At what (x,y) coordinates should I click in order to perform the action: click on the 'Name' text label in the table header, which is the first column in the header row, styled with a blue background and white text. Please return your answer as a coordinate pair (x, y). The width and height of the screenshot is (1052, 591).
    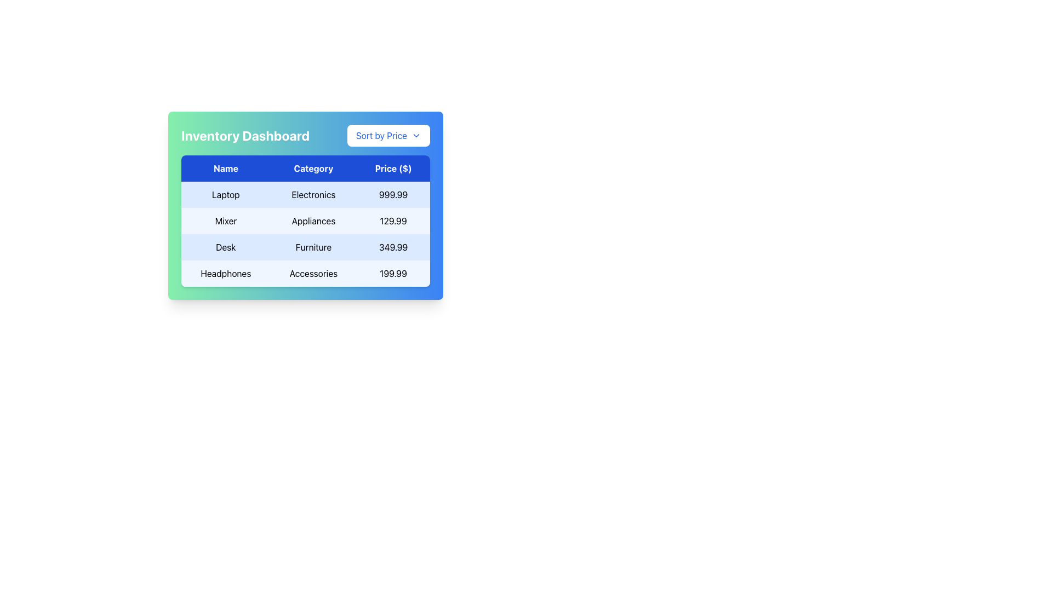
    Looking at the image, I should click on (225, 169).